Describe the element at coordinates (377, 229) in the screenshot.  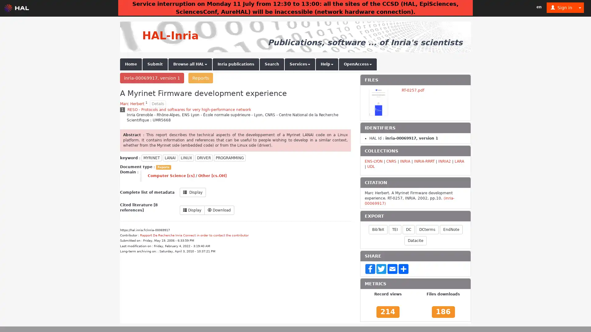
I see `BibTeX` at that location.